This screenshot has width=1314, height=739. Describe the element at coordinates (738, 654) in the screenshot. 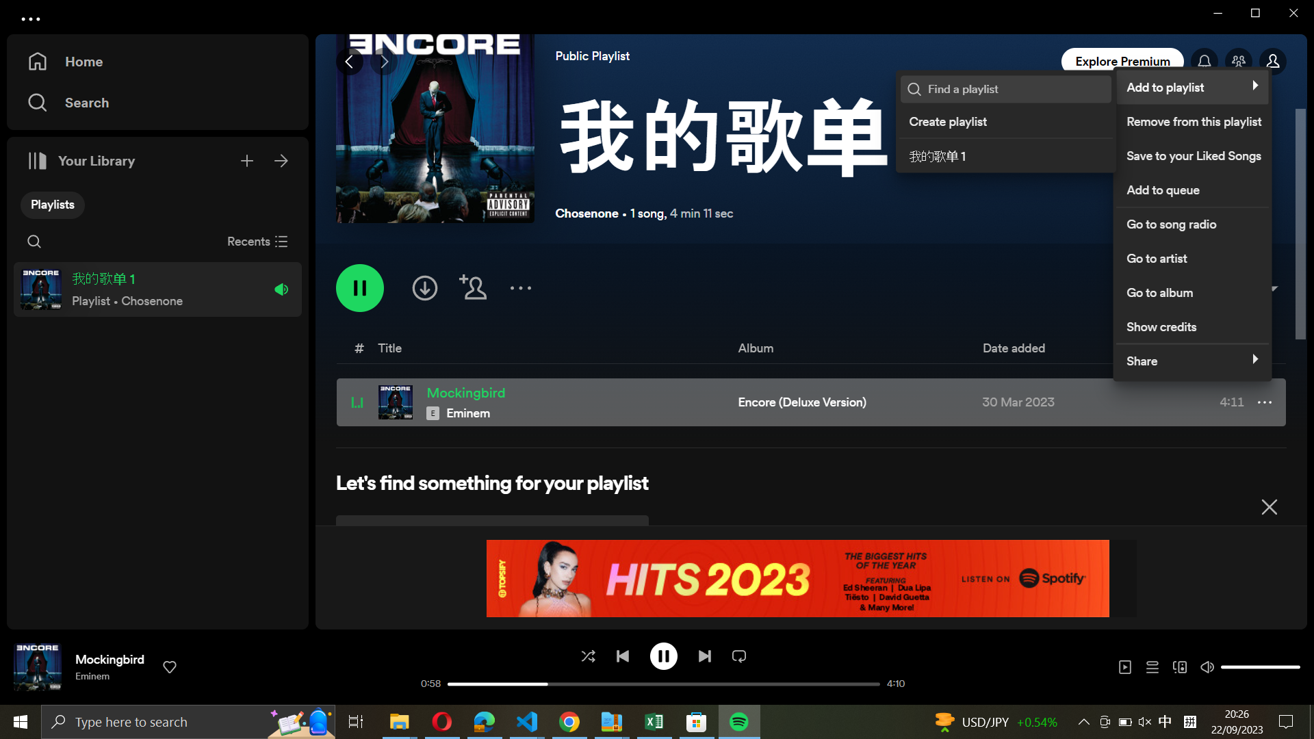

I see `Exchange the continuous loop function with single loop function` at that location.